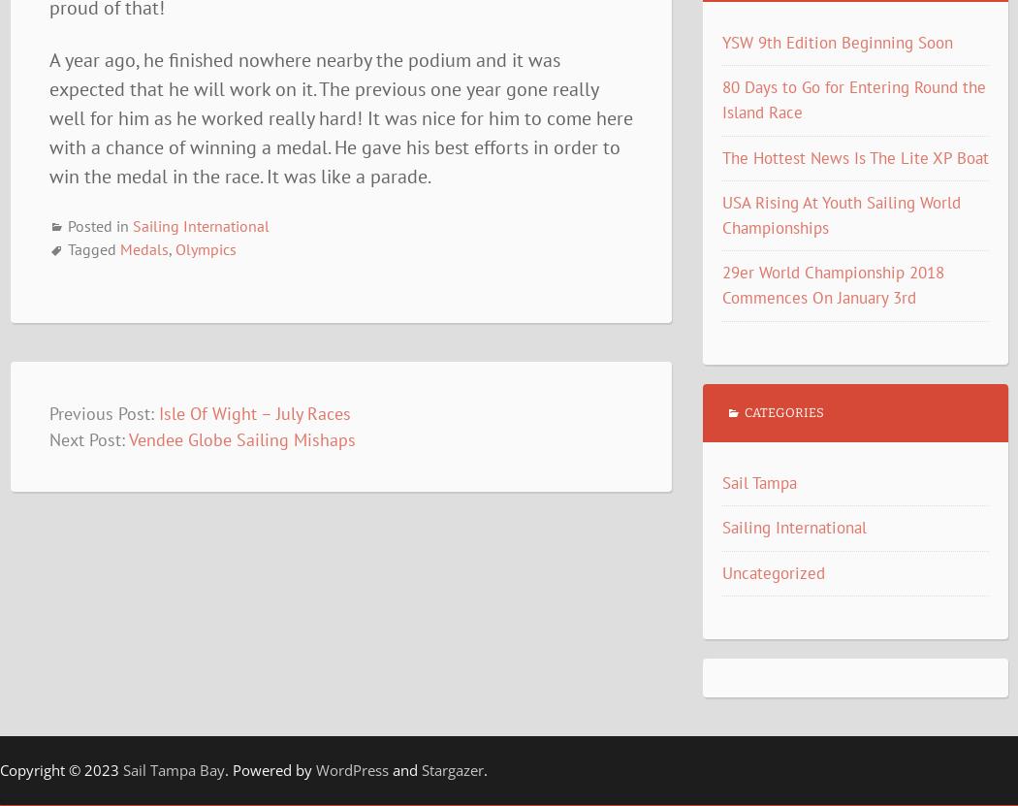  What do you see at coordinates (836, 41) in the screenshot?
I see `'YSW 9th Edition Beginning Soon'` at bounding box center [836, 41].